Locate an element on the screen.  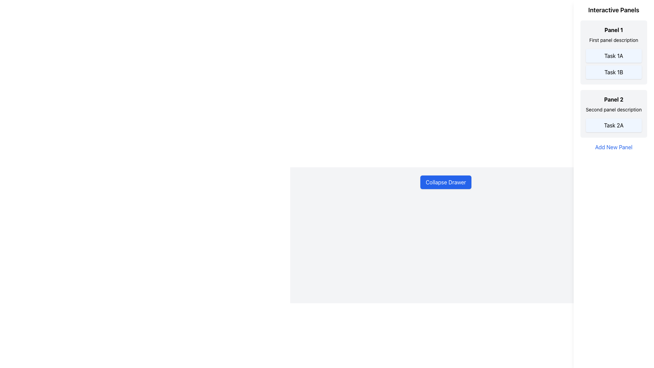
the light blue rectangular button labeled 'Task 1A' located in Panel 1 under 'First panel description' is located at coordinates (613, 56).